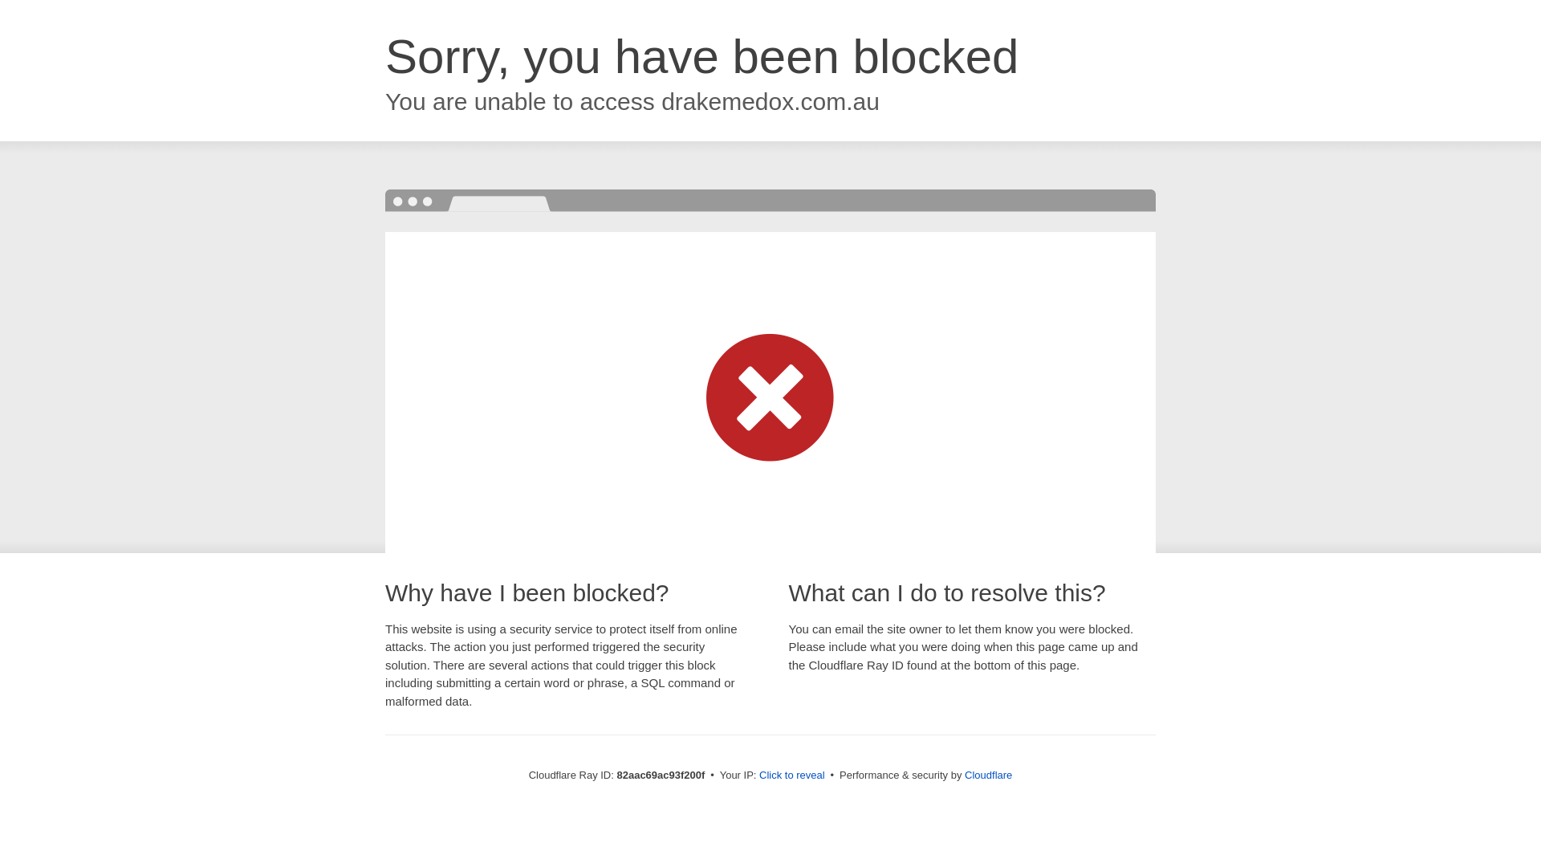  What do you see at coordinates (987, 774) in the screenshot?
I see `'Cloudflare'` at bounding box center [987, 774].